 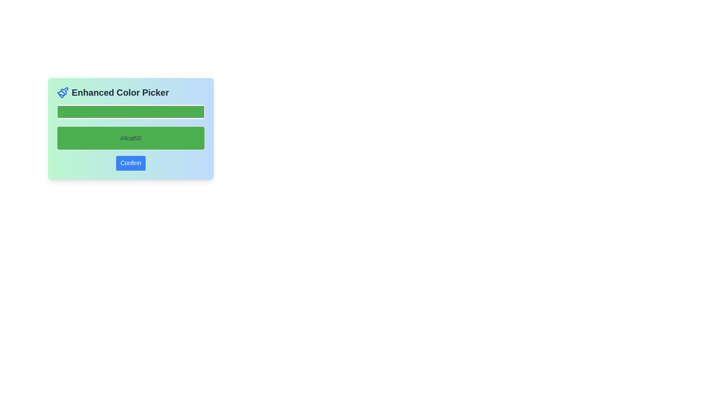 I want to click on the blue paintbrush icon located to the left of the 'Enhanced Color Picker' text, so click(x=62, y=92).